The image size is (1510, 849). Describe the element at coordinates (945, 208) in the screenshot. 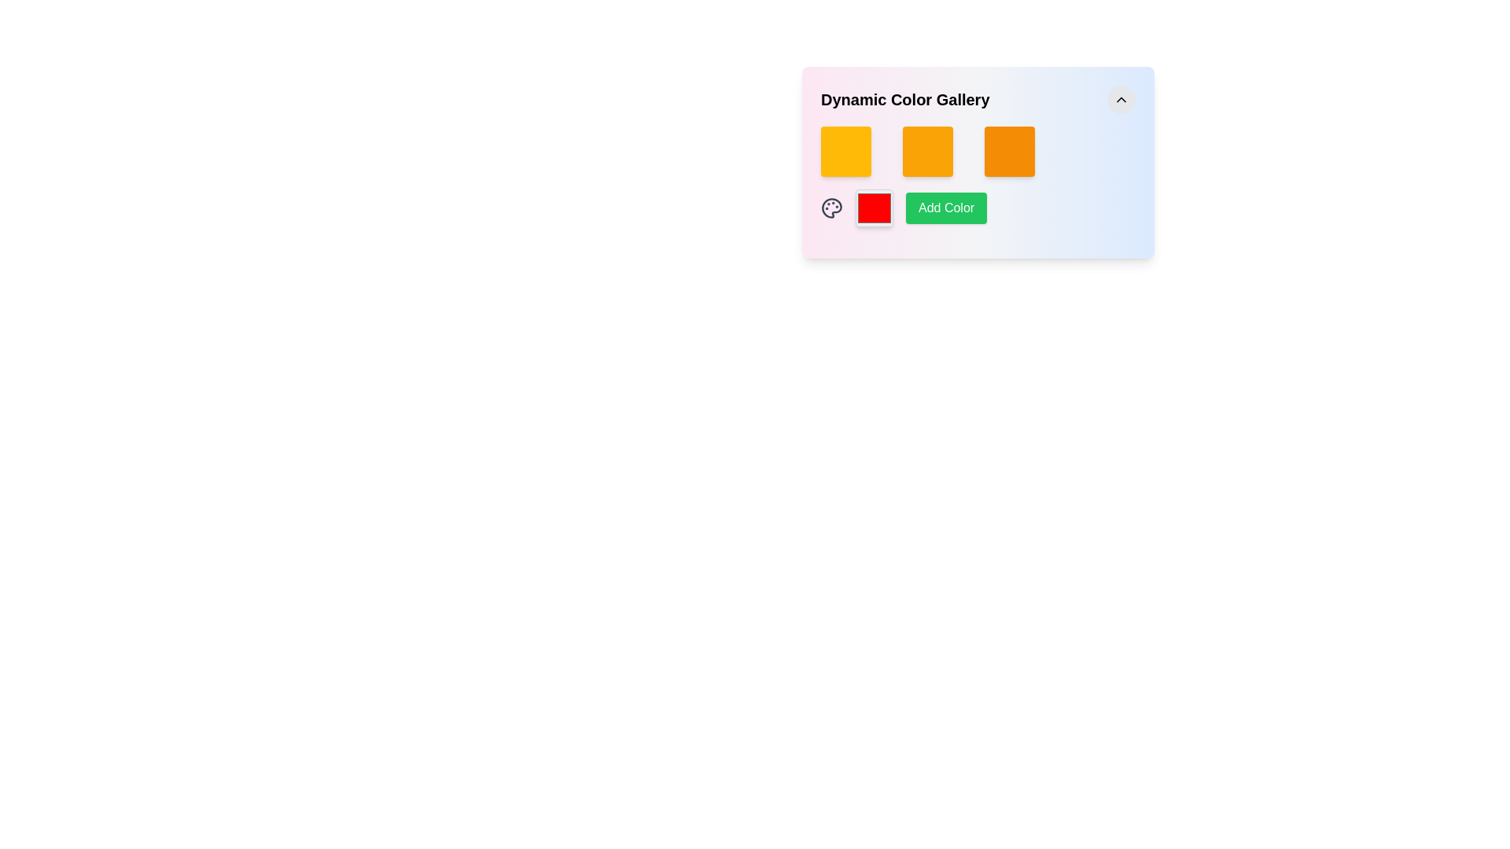

I see `the 'Add Color' button with a green background and white text` at that location.